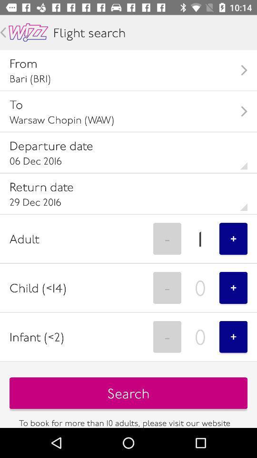 This screenshot has width=257, height=458. I want to click on icon above search button, so click(233, 337).